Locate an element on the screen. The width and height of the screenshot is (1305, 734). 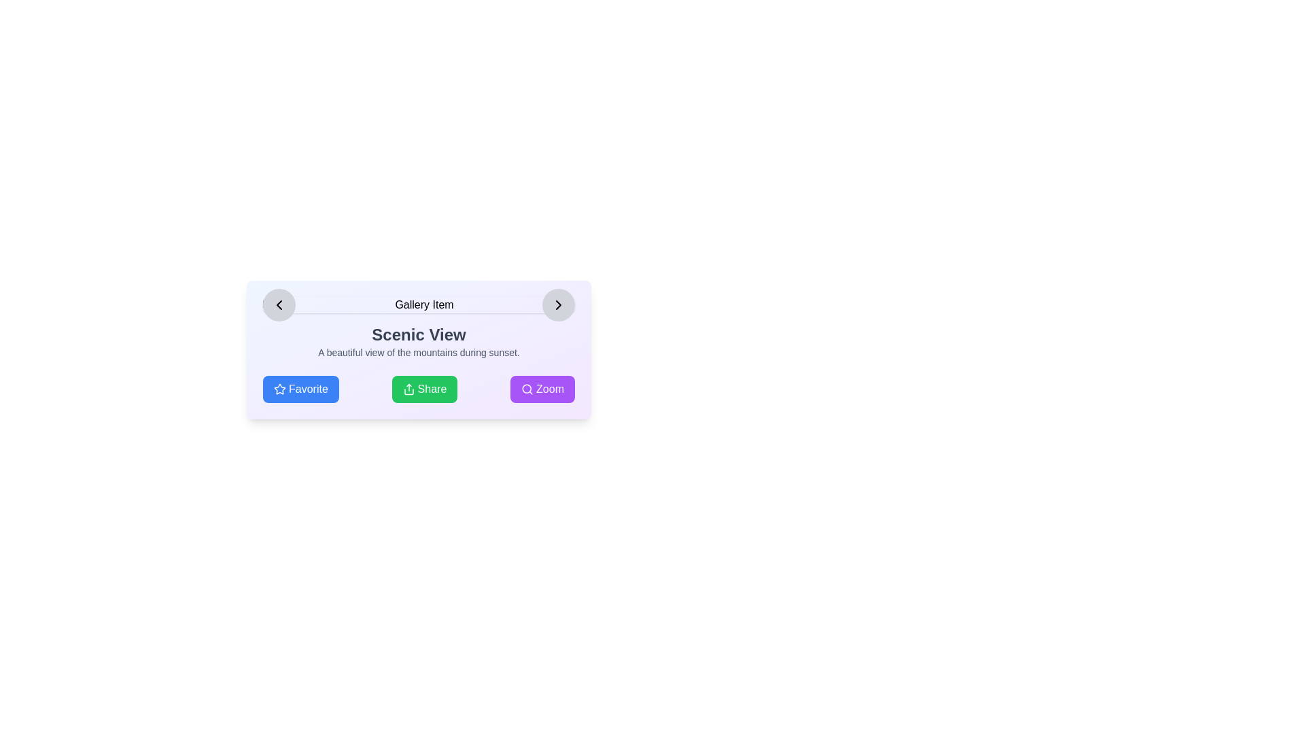
text displayed in the large, bold, dark gray font labeled 'Scenic View', which is positioned centrally above the descriptive text about the mountains is located at coordinates (418, 335).